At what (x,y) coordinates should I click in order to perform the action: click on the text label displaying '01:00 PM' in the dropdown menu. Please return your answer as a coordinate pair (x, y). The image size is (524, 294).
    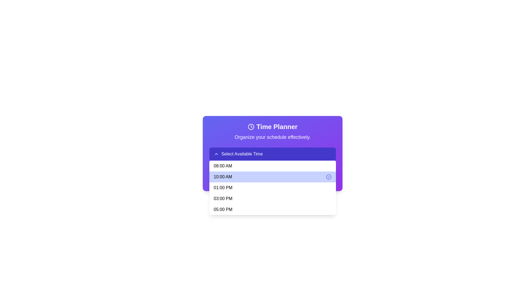
    Looking at the image, I should click on (223, 188).